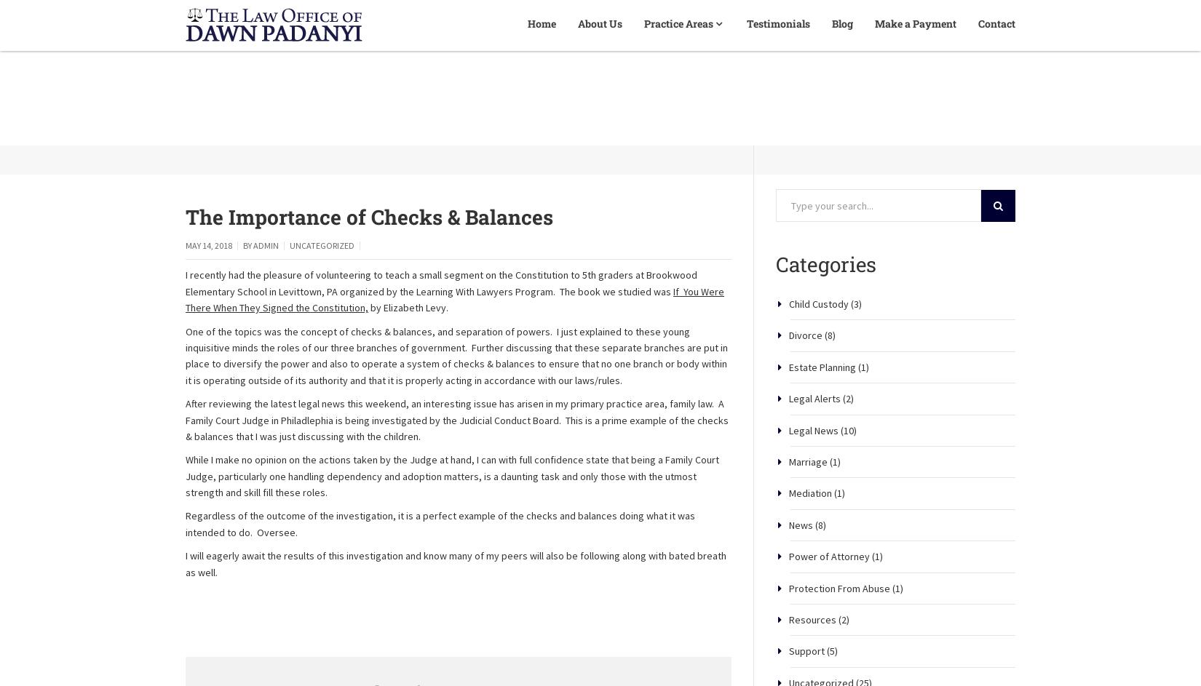  Describe the element at coordinates (829, 605) in the screenshot. I see `'Power of Attorney'` at that location.